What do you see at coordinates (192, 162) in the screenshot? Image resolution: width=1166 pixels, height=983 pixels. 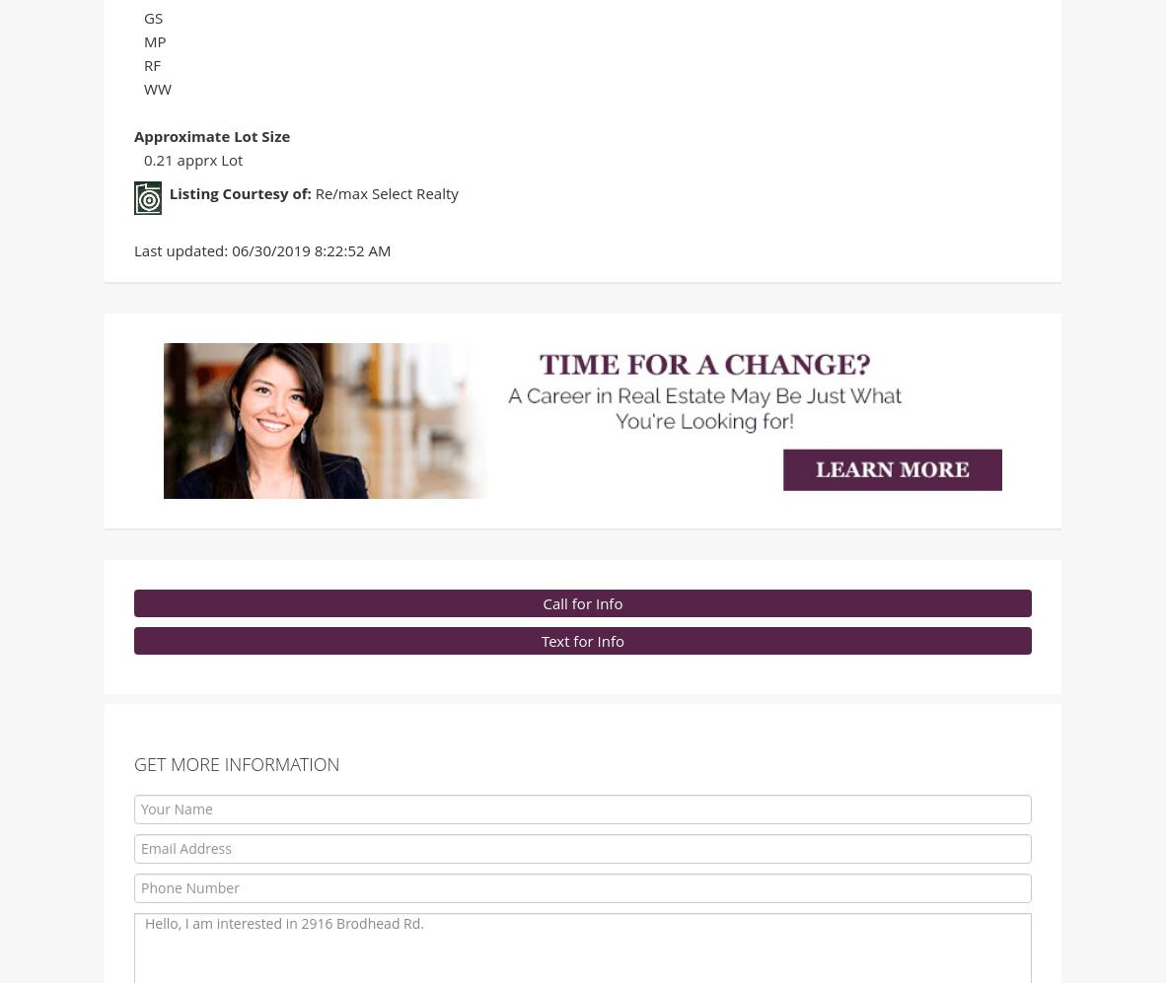 I see `'0.21 apprx Lot'` at bounding box center [192, 162].